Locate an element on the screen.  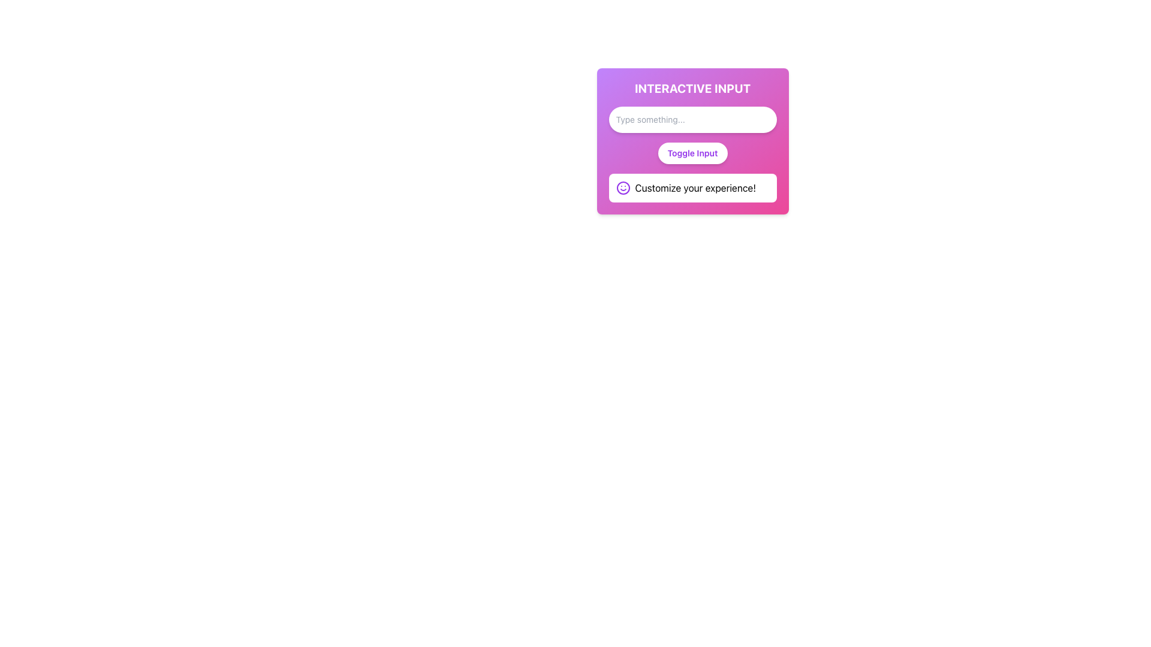
the purple smiley face icon that is located adjacent to the text 'Customize your experience!' is located at coordinates (623, 188).